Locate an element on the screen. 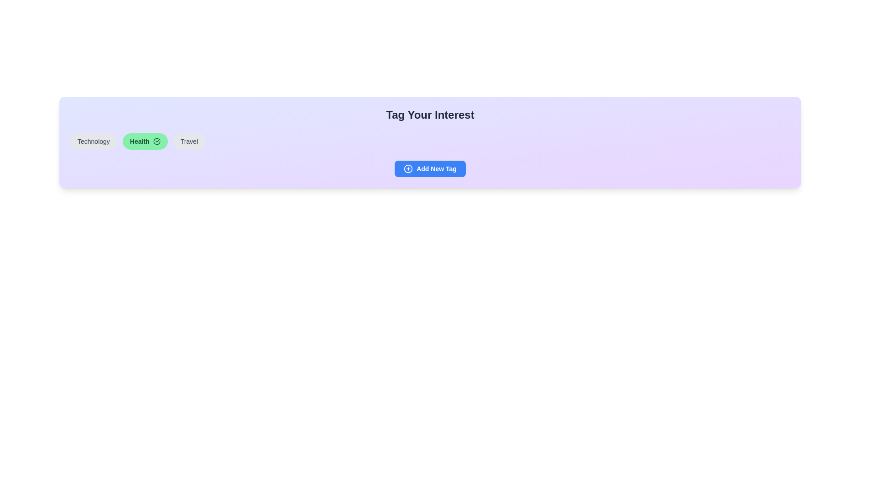  the 'Travel' tag text label is located at coordinates (188, 141).